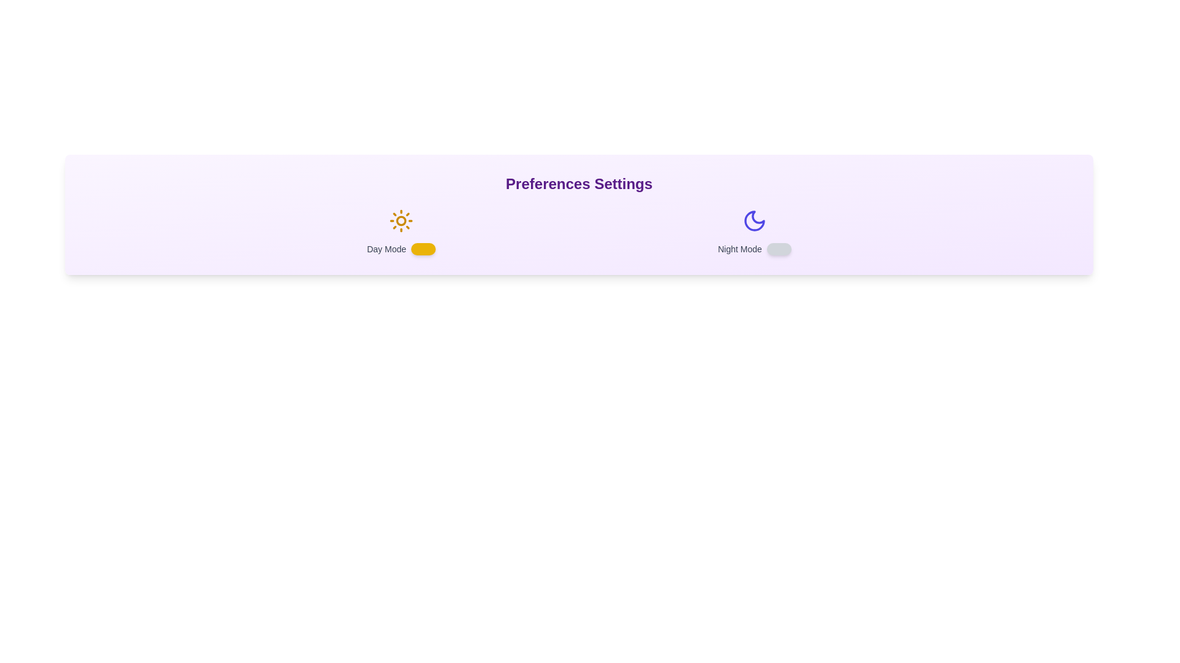 This screenshot has width=1180, height=663. Describe the element at coordinates (778, 249) in the screenshot. I see `the 'Night Mode' switch` at that location.